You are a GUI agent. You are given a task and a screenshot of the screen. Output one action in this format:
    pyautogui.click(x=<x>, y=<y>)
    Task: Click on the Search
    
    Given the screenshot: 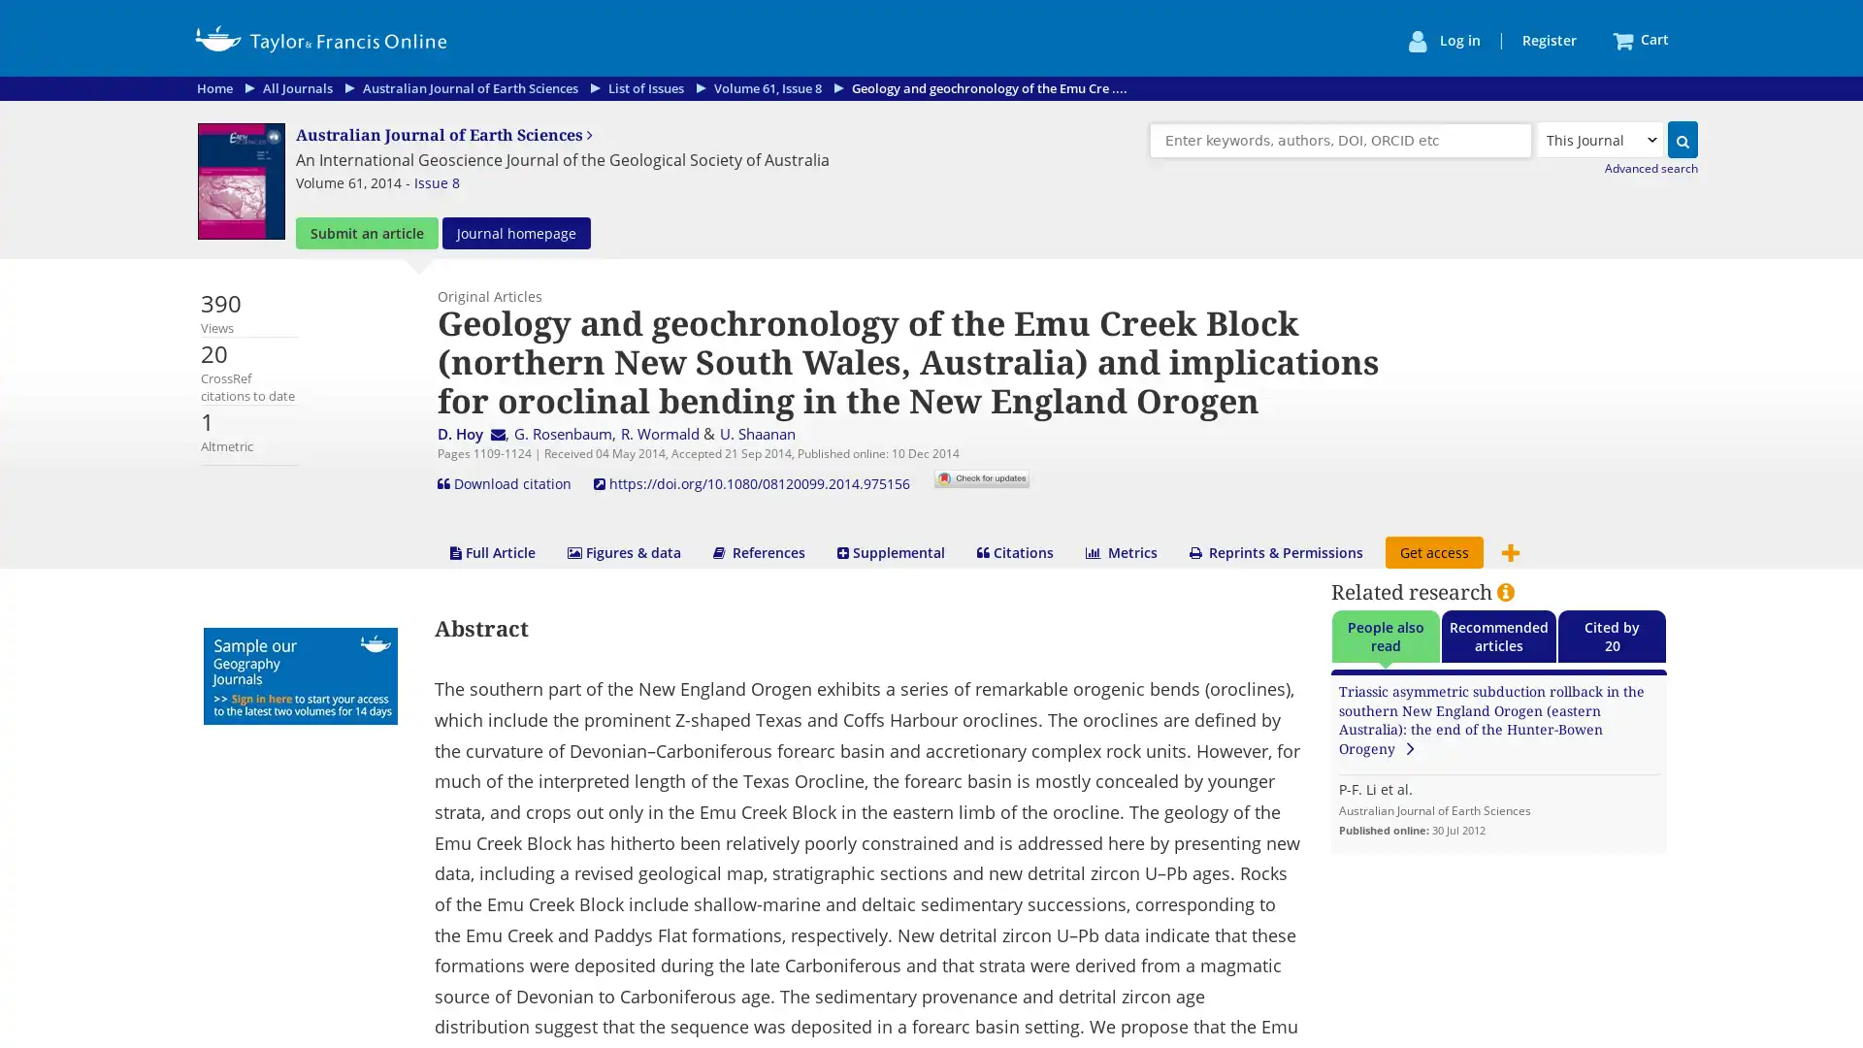 What is the action you would take?
    pyautogui.click(x=1682, y=138)
    